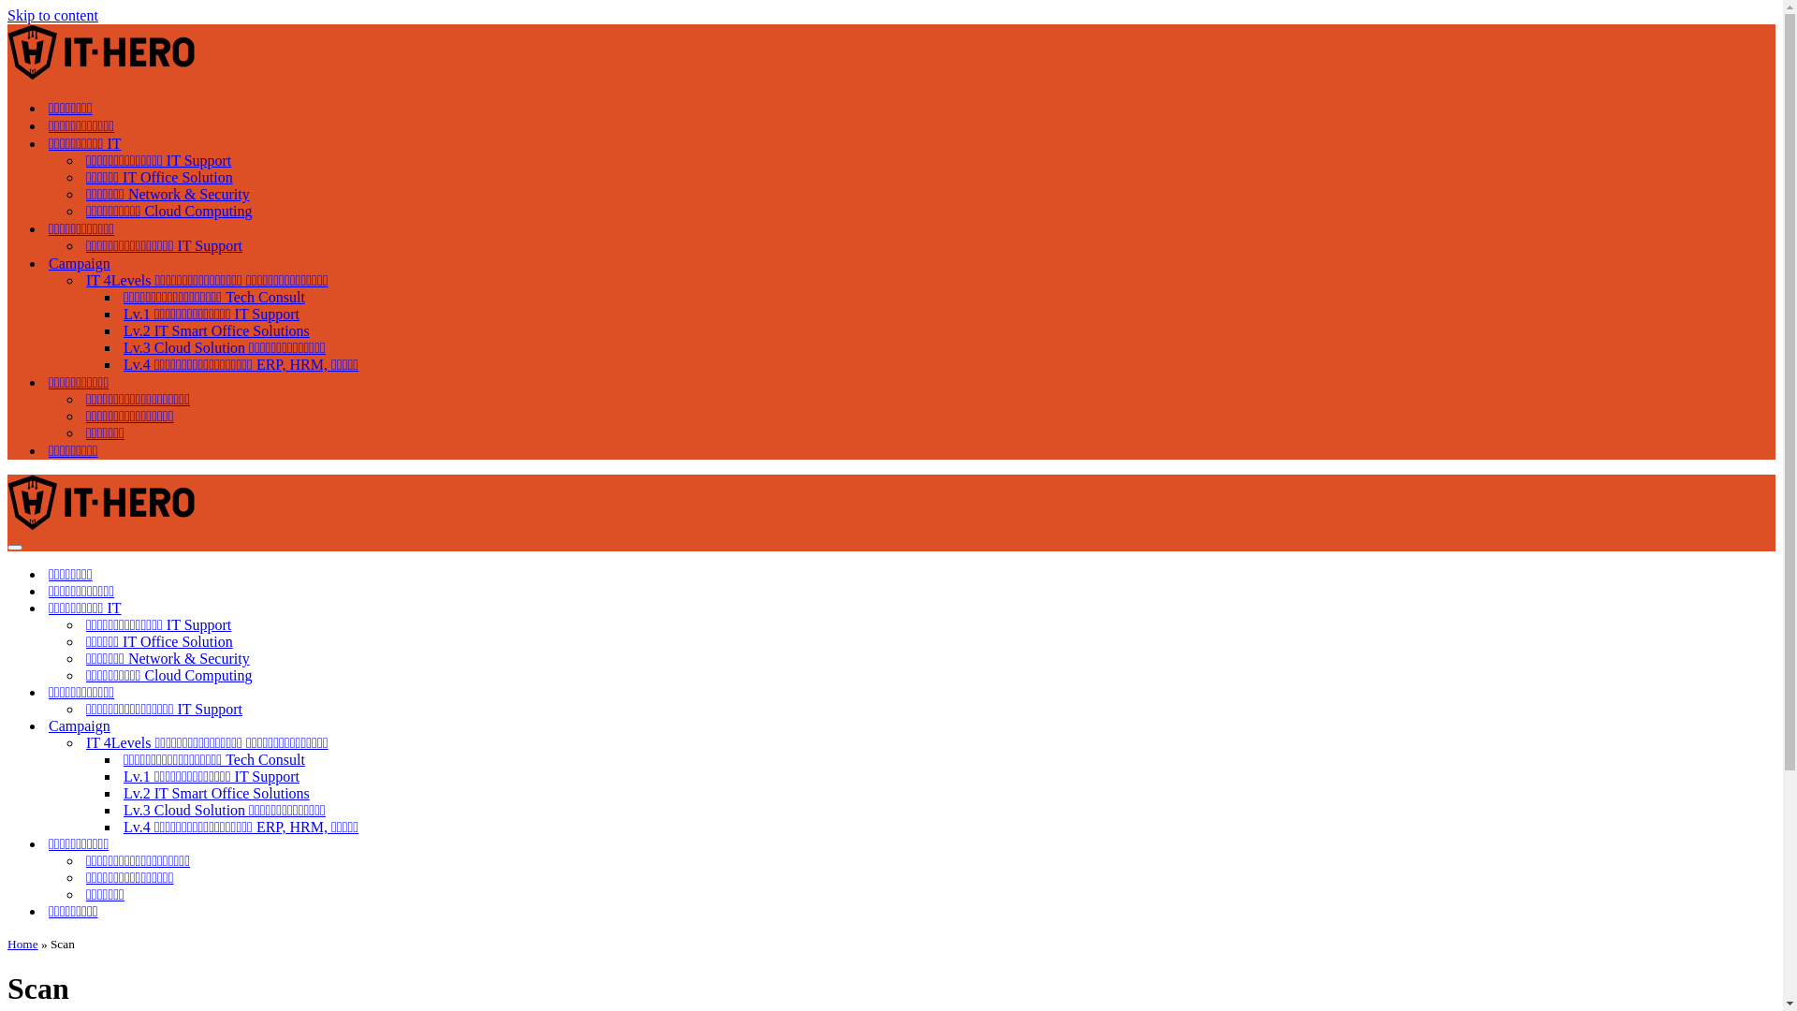 The image size is (1797, 1011). I want to click on 'Navigation Menu', so click(14, 548).